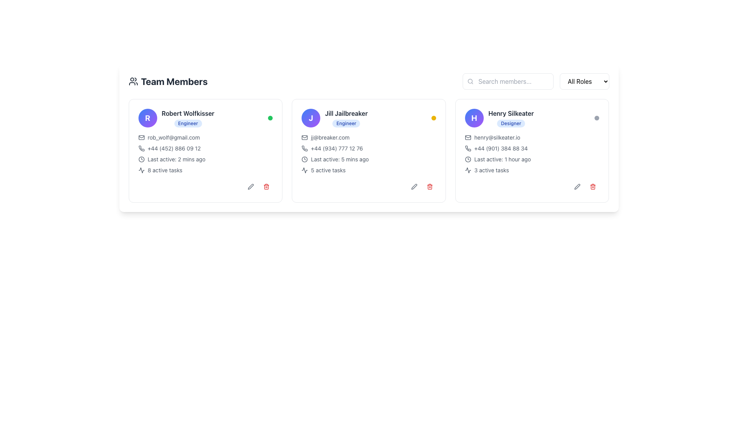 The height and width of the screenshot is (421, 749). What do you see at coordinates (174, 149) in the screenshot?
I see `displayed phone number '+44 (452) 886 09 12' located below the email address and above the 'Last active: 2 mins ago' text in the middle-left card's body` at bounding box center [174, 149].